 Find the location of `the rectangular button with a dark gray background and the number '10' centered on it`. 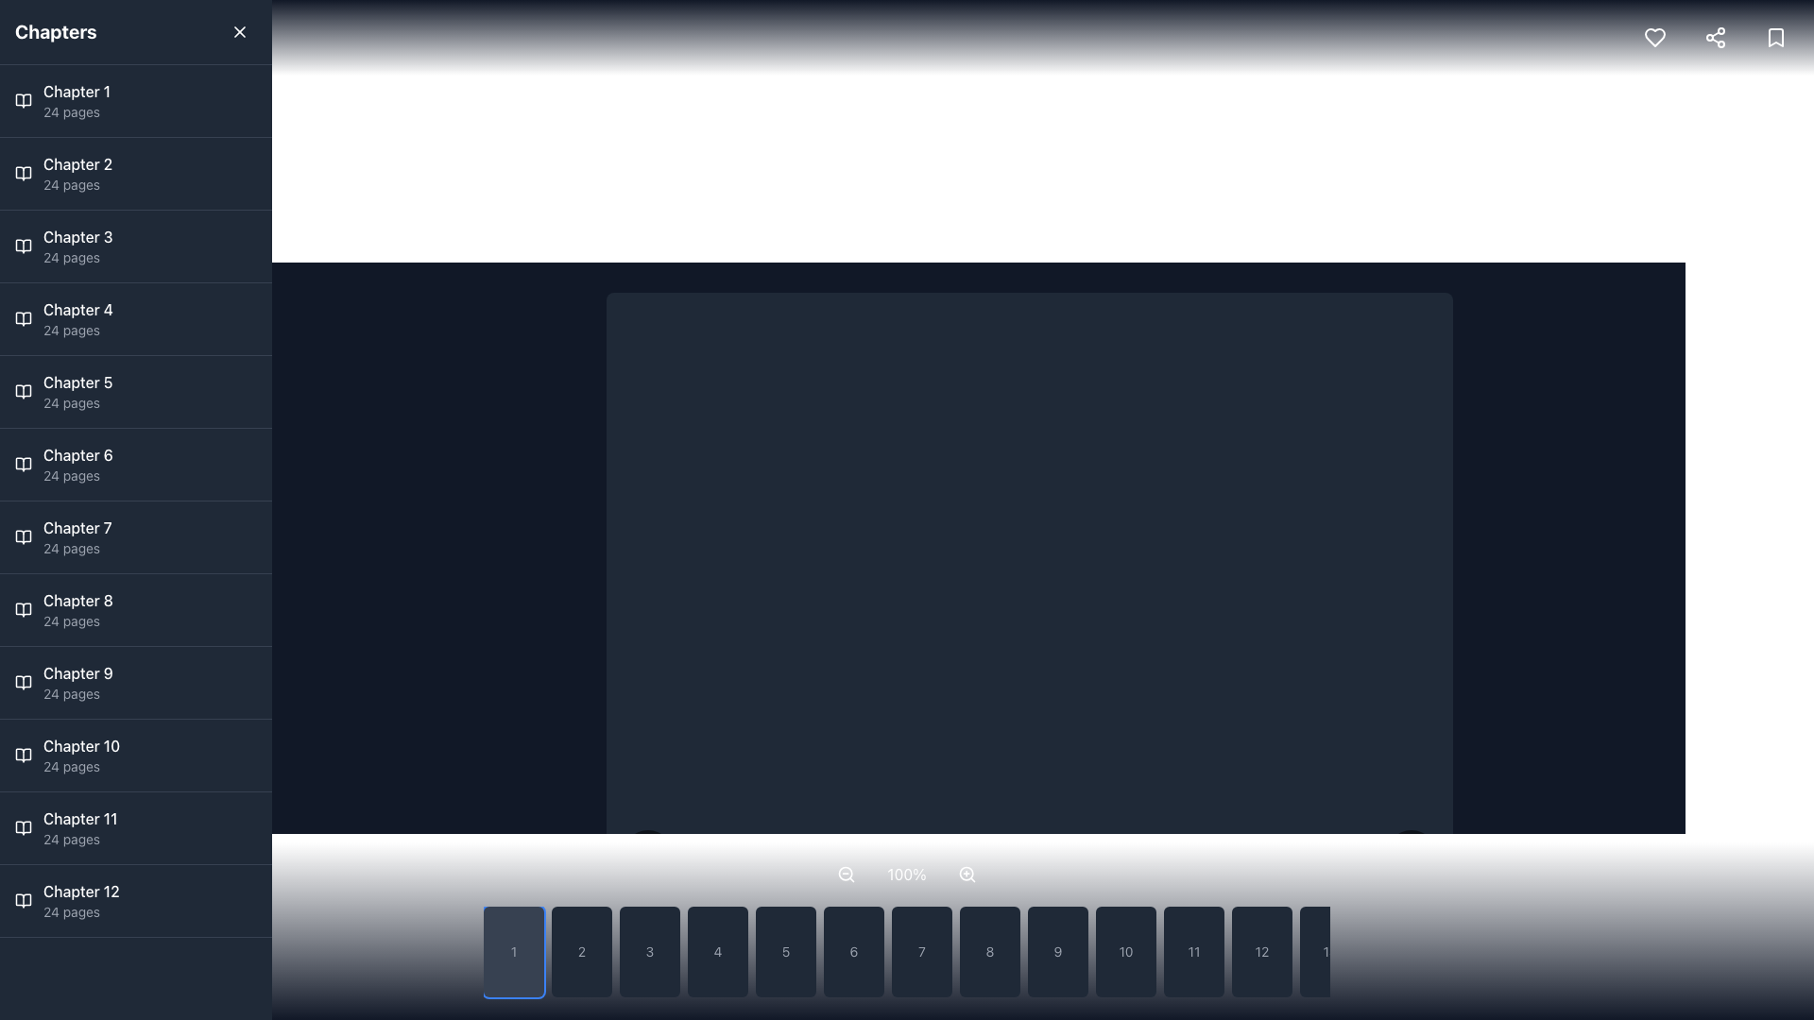

the rectangular button with a dark gray background and the number '10' centered on it is located at coordinates (1125, 951).